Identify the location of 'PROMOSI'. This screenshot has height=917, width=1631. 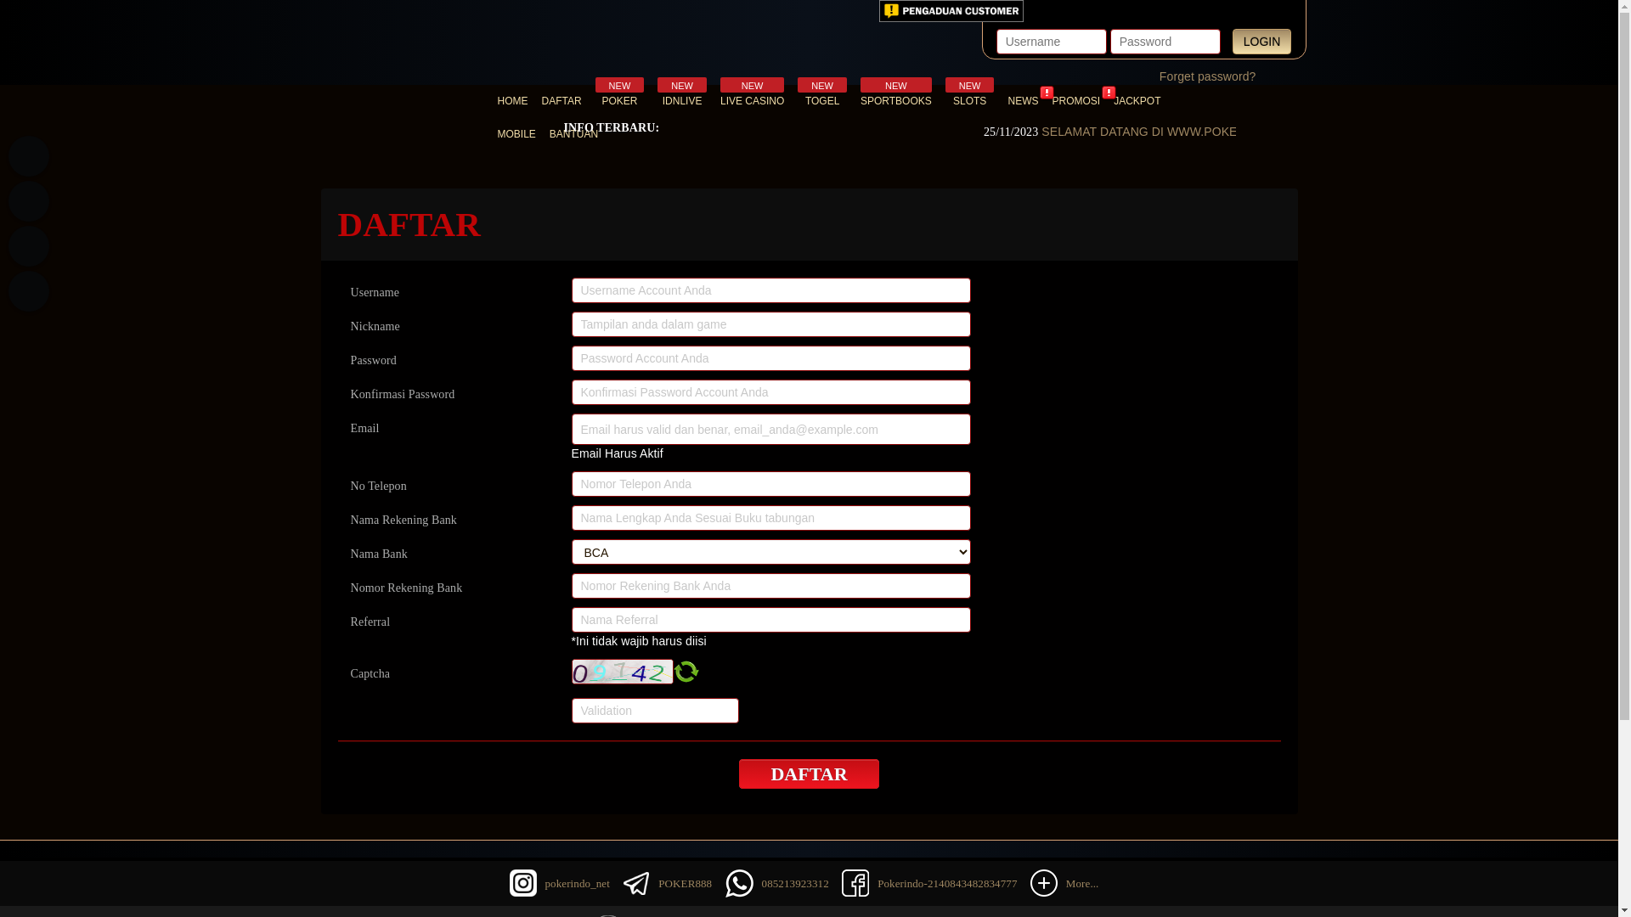
(1075, 101).